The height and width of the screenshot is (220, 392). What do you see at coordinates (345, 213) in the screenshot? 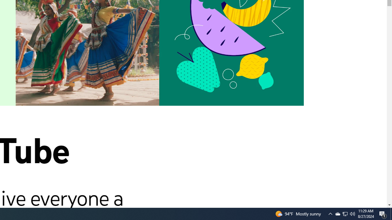
I see `'Q2790: 100%'` at bounding box center [345, 213].